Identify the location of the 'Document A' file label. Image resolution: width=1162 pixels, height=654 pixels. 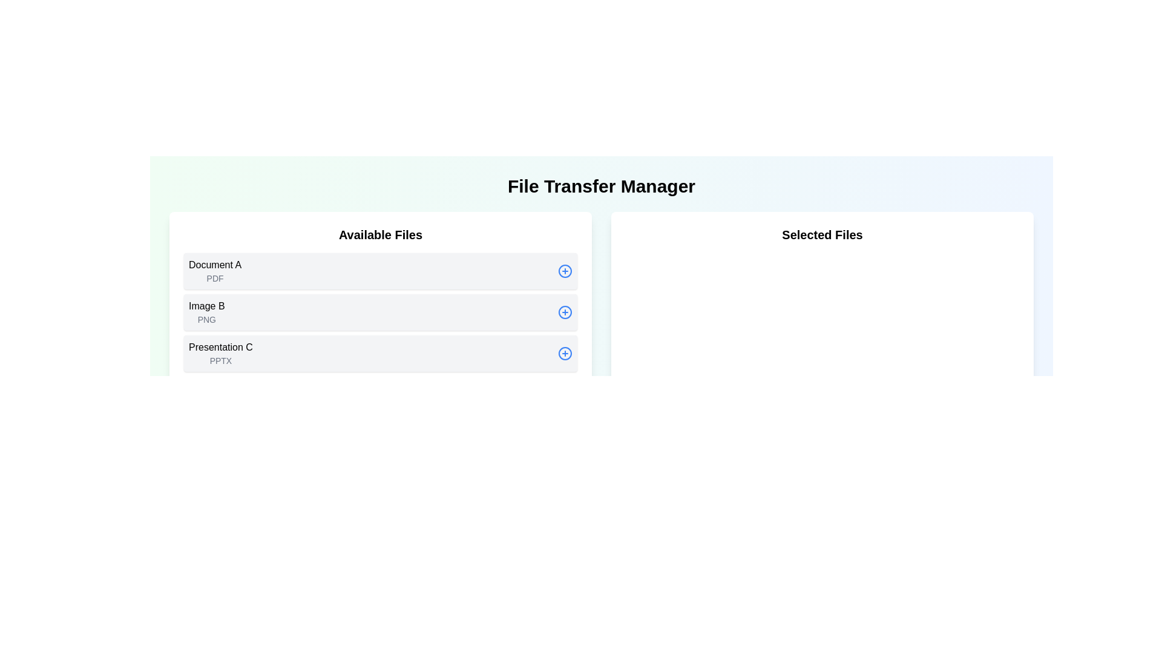
(215, 270).